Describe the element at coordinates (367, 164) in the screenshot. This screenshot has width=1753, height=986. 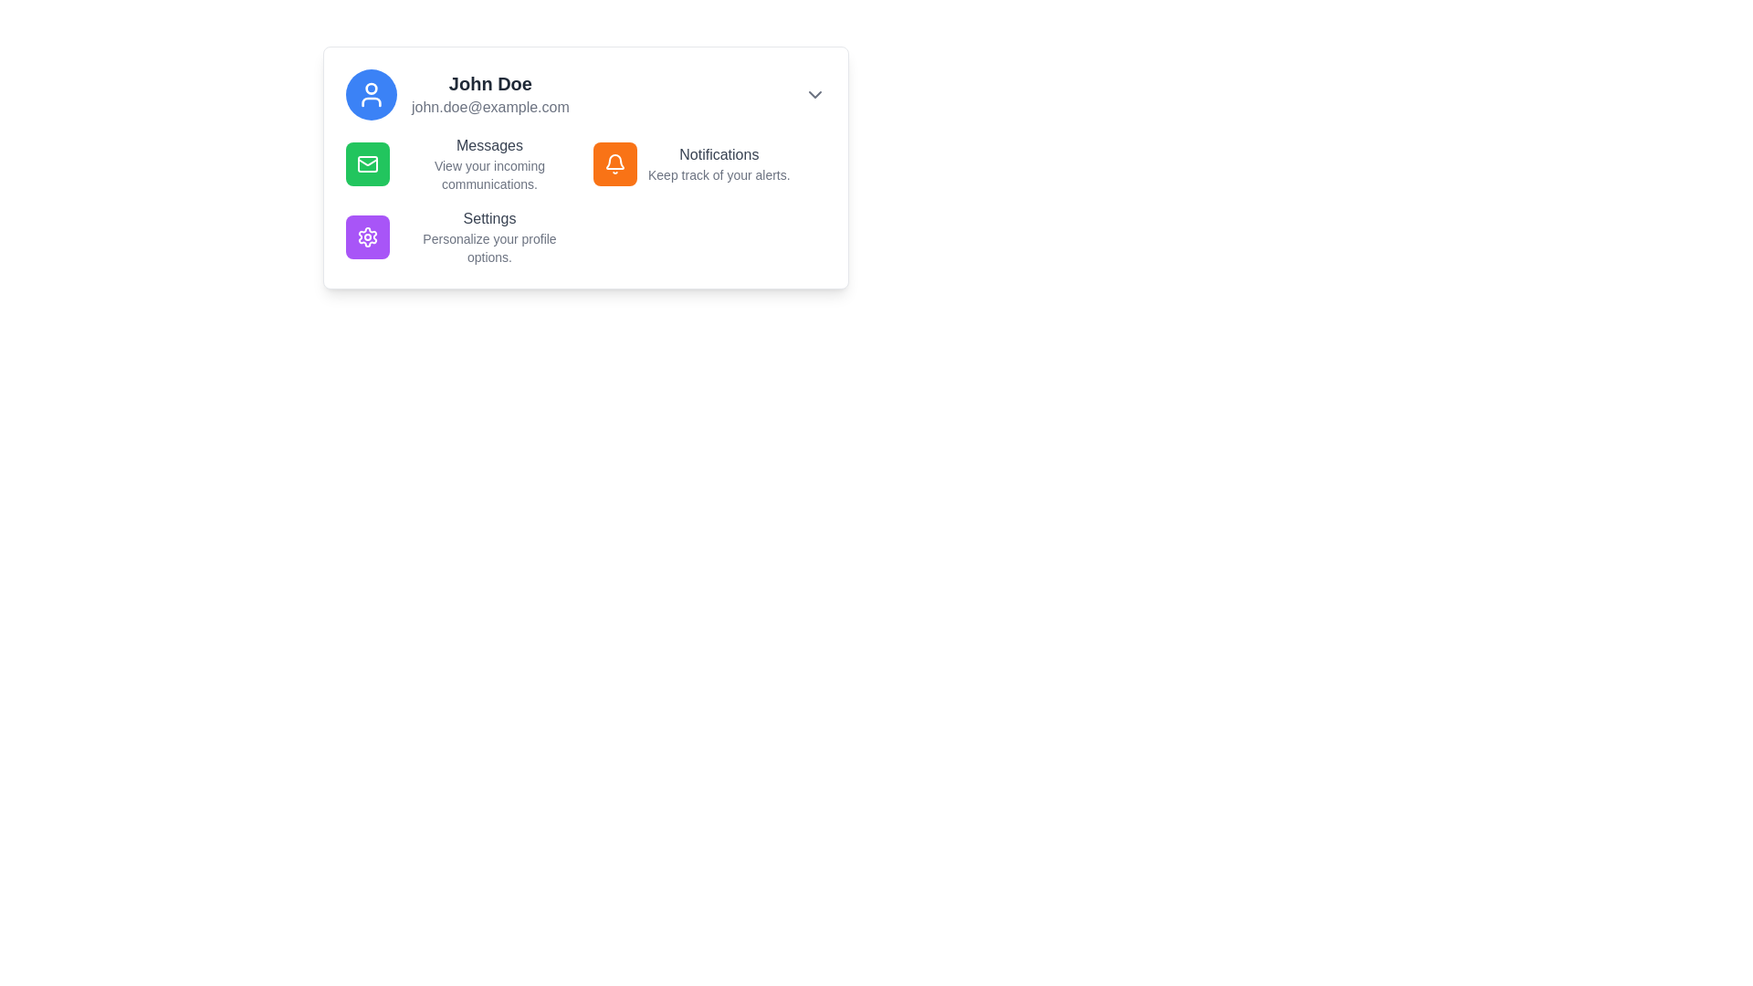
I see `the 'Messages' icon located within a green background, which is positioned to the left of the 'Messages: View your incoming communications.' text block` at that location.